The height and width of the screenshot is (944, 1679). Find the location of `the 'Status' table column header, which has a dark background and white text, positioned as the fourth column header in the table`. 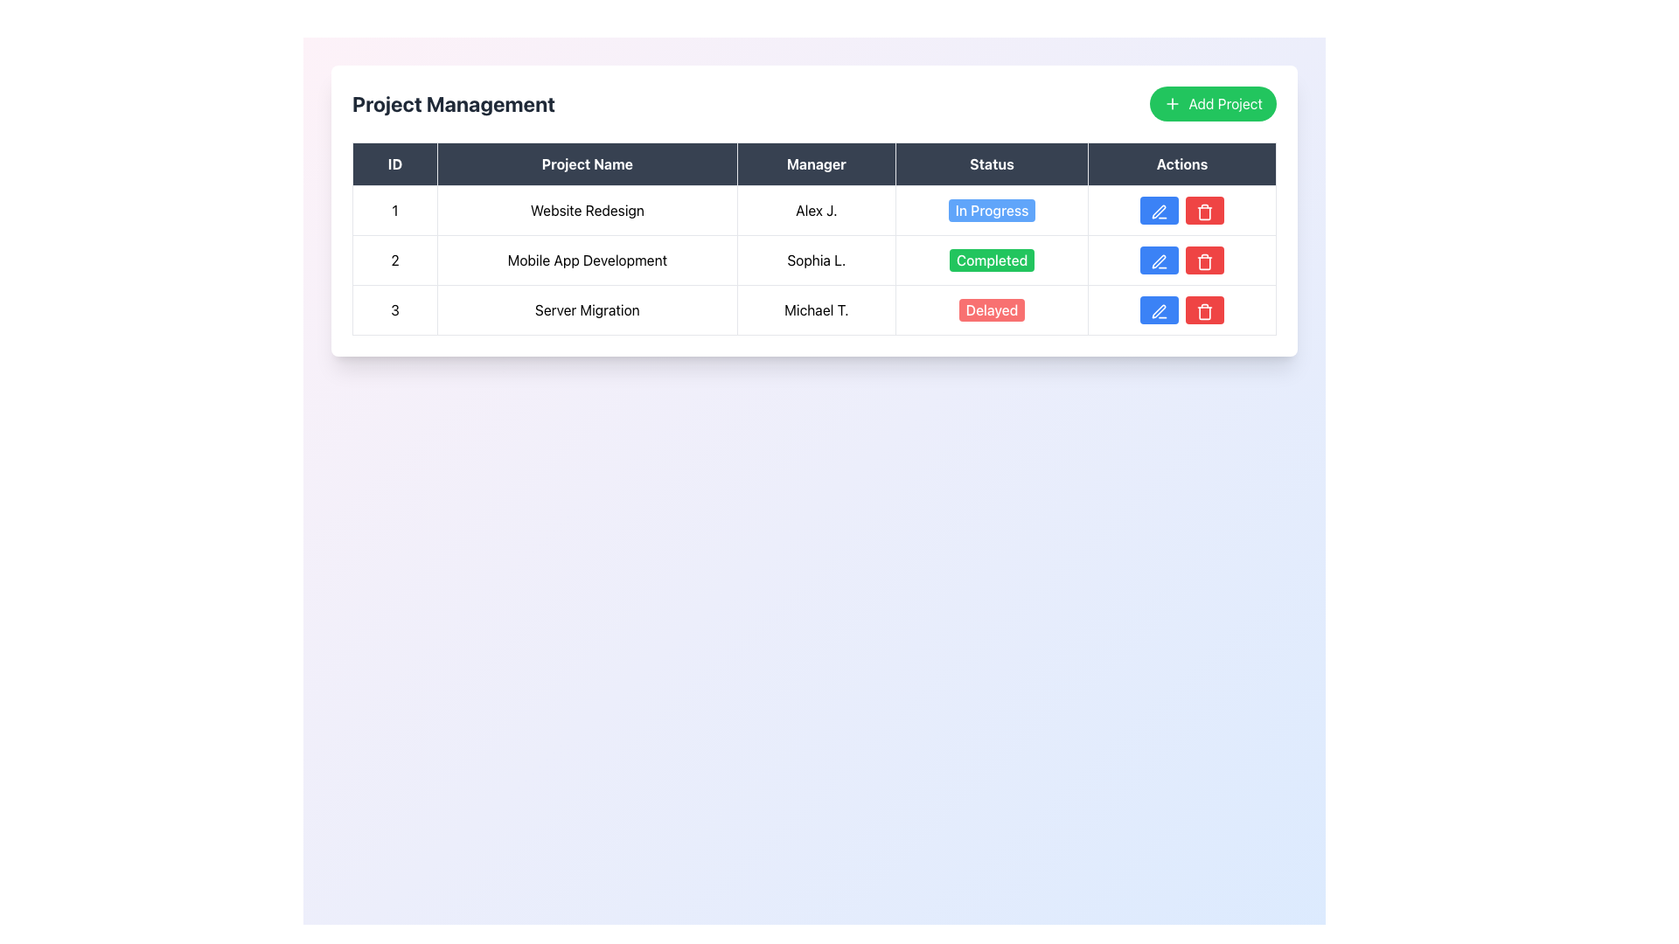

the 'Status' table column header, which has a dark background and white text, positioned as the fourth column header in the table is located at coordinates (992, 164).